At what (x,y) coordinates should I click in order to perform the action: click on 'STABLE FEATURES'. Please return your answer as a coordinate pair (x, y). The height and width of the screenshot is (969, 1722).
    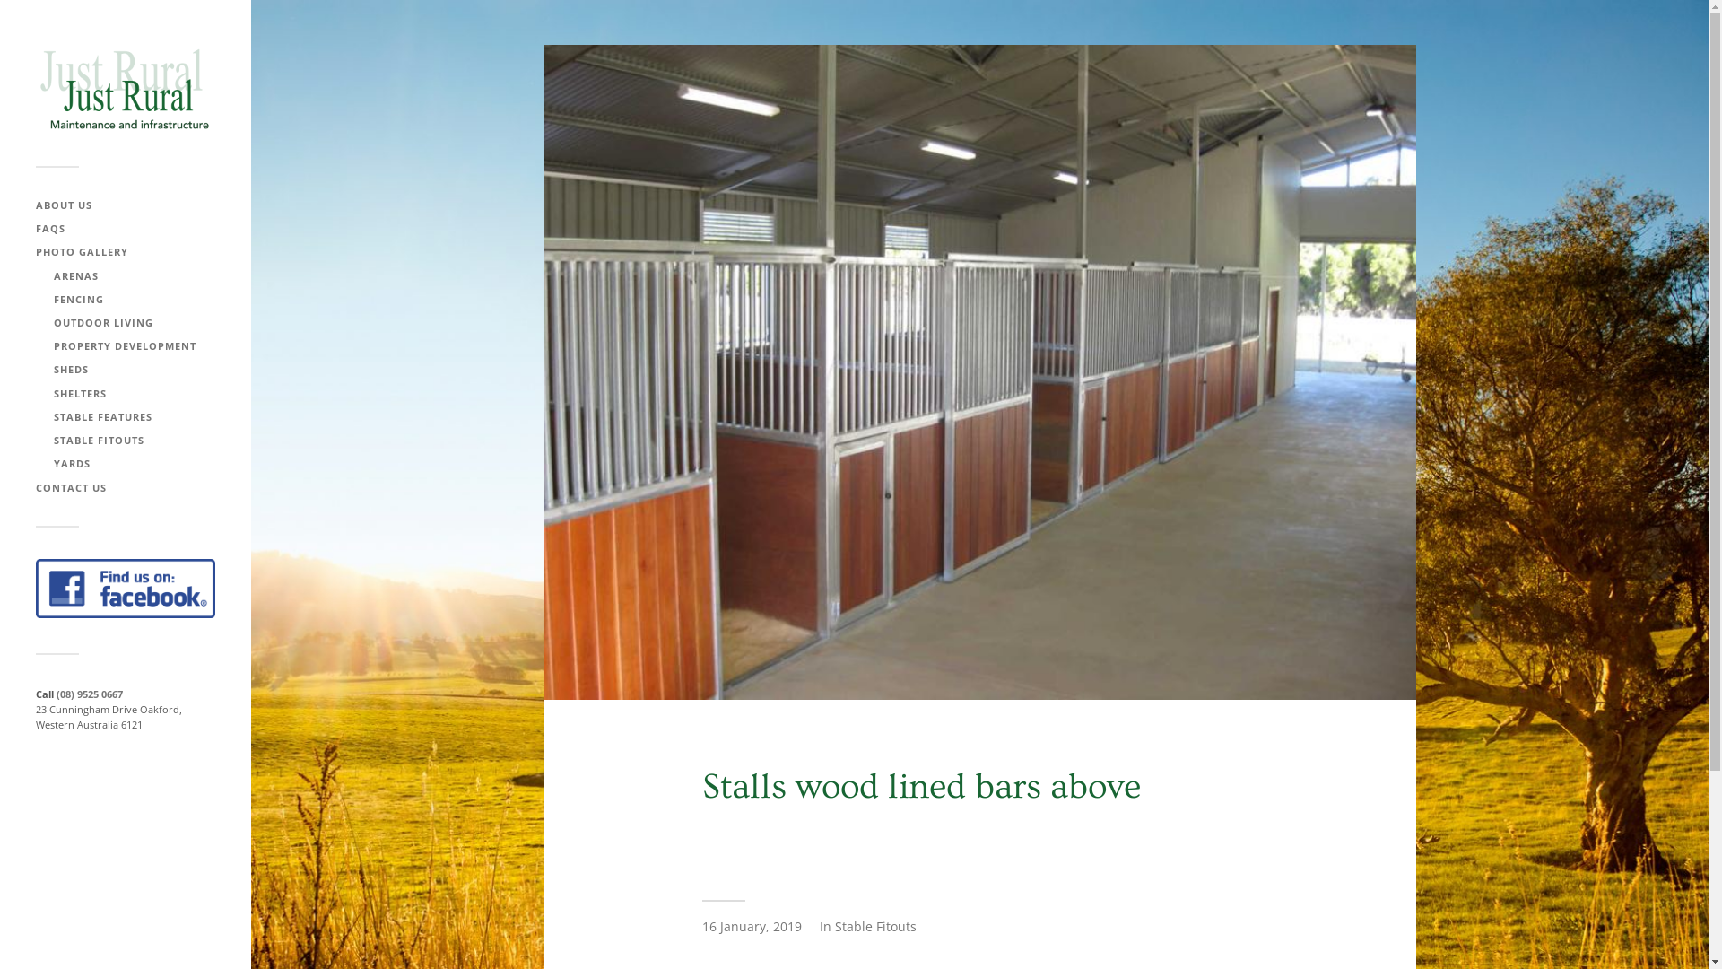
    Looking at the image, I should click on (53, 416).